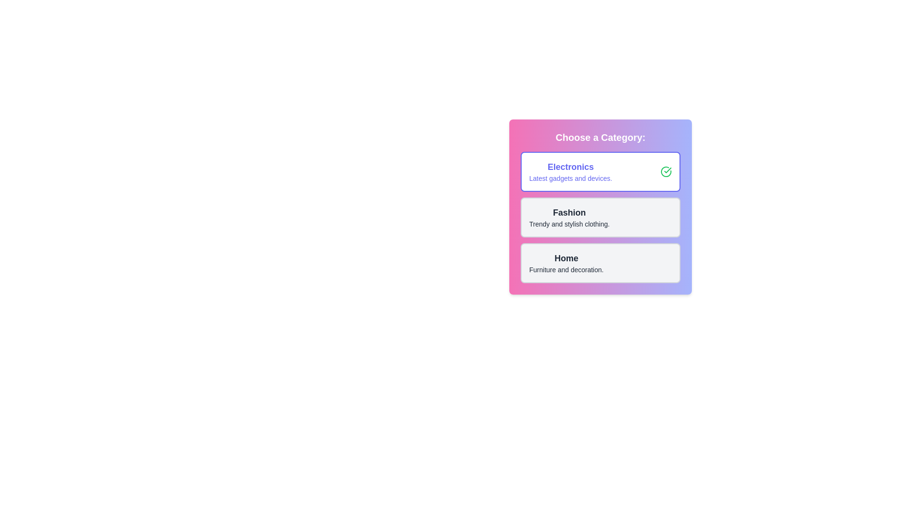  What do you see at coordinates (666, 172) in the screenshot?
I see `the circular check mark icon indicating completion in the rightmost area of the 'Electronics' section` at bounding box center [666, 172].